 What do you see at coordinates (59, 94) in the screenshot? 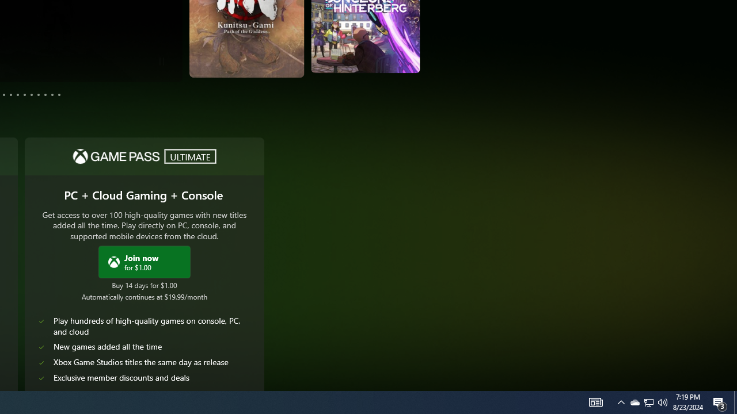
I see `'Page 12'` at bounding box center [59, 94].